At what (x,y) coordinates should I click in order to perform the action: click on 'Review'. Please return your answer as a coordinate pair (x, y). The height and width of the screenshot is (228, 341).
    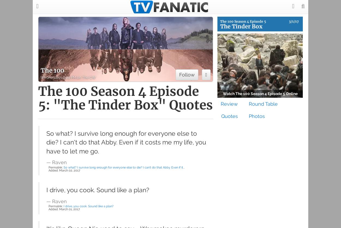
    Looking at the image, I should click on (229, 103).